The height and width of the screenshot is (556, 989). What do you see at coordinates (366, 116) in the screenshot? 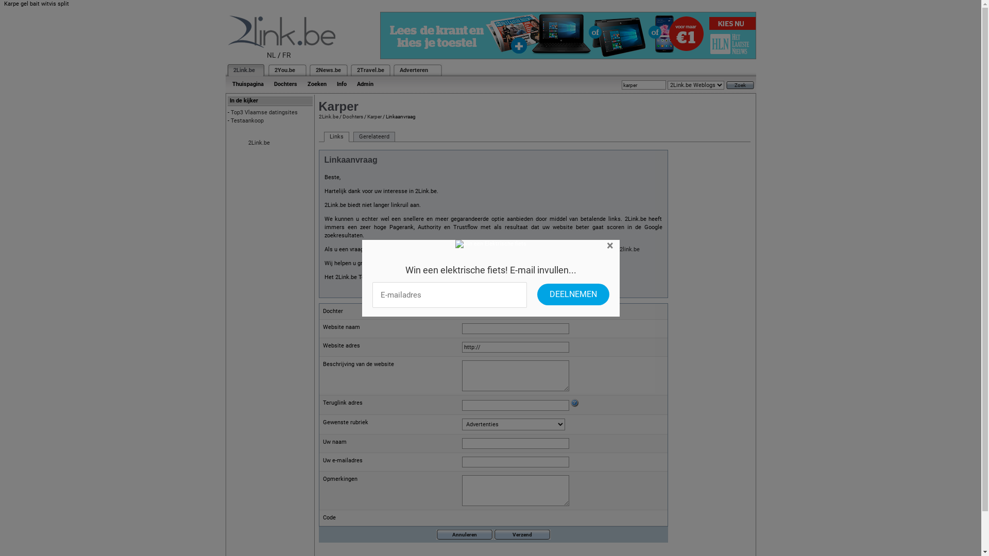
I see `'Karper'` at bounding box center [366, 116].